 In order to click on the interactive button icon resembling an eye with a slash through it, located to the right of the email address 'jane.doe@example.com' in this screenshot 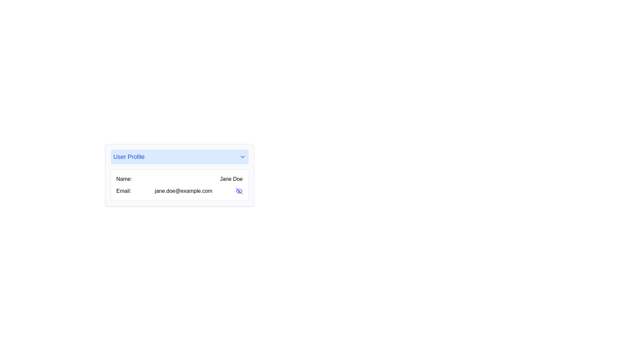, I will do `click(239, 191)`.